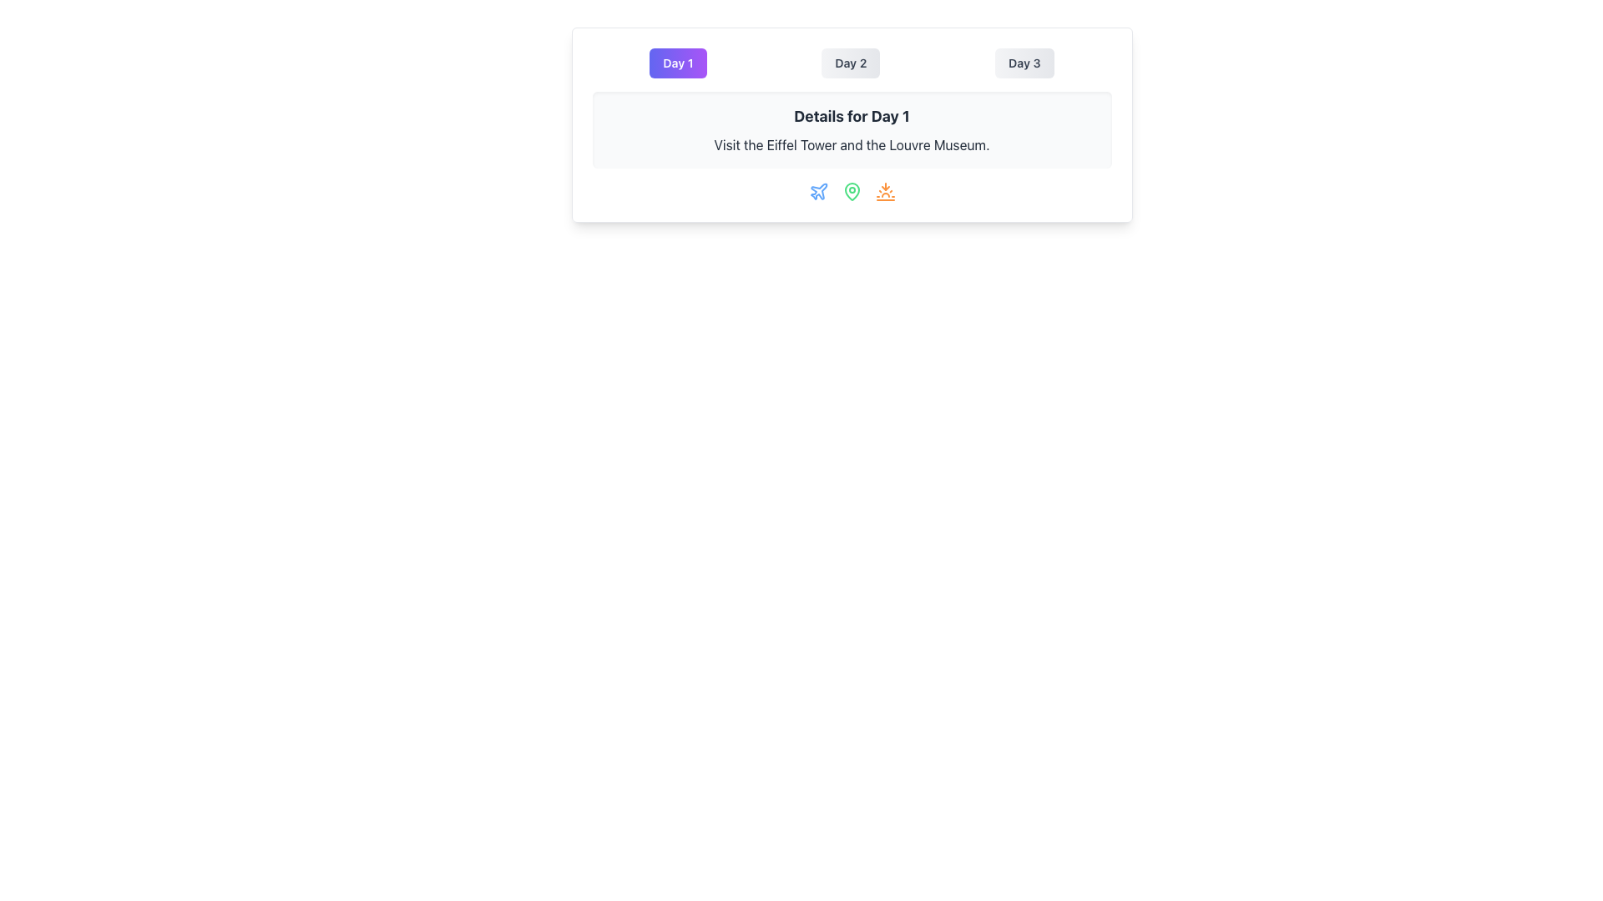  What do you see at coordinates (852, 191) in the screenshot?
I see `the Icon Group Row located beneath the description 'Visit the Eiffel Tower and the Louvre Museum,' which contains three colorful travel-related icons arranged horizontally` at bounding box center [852, 191].